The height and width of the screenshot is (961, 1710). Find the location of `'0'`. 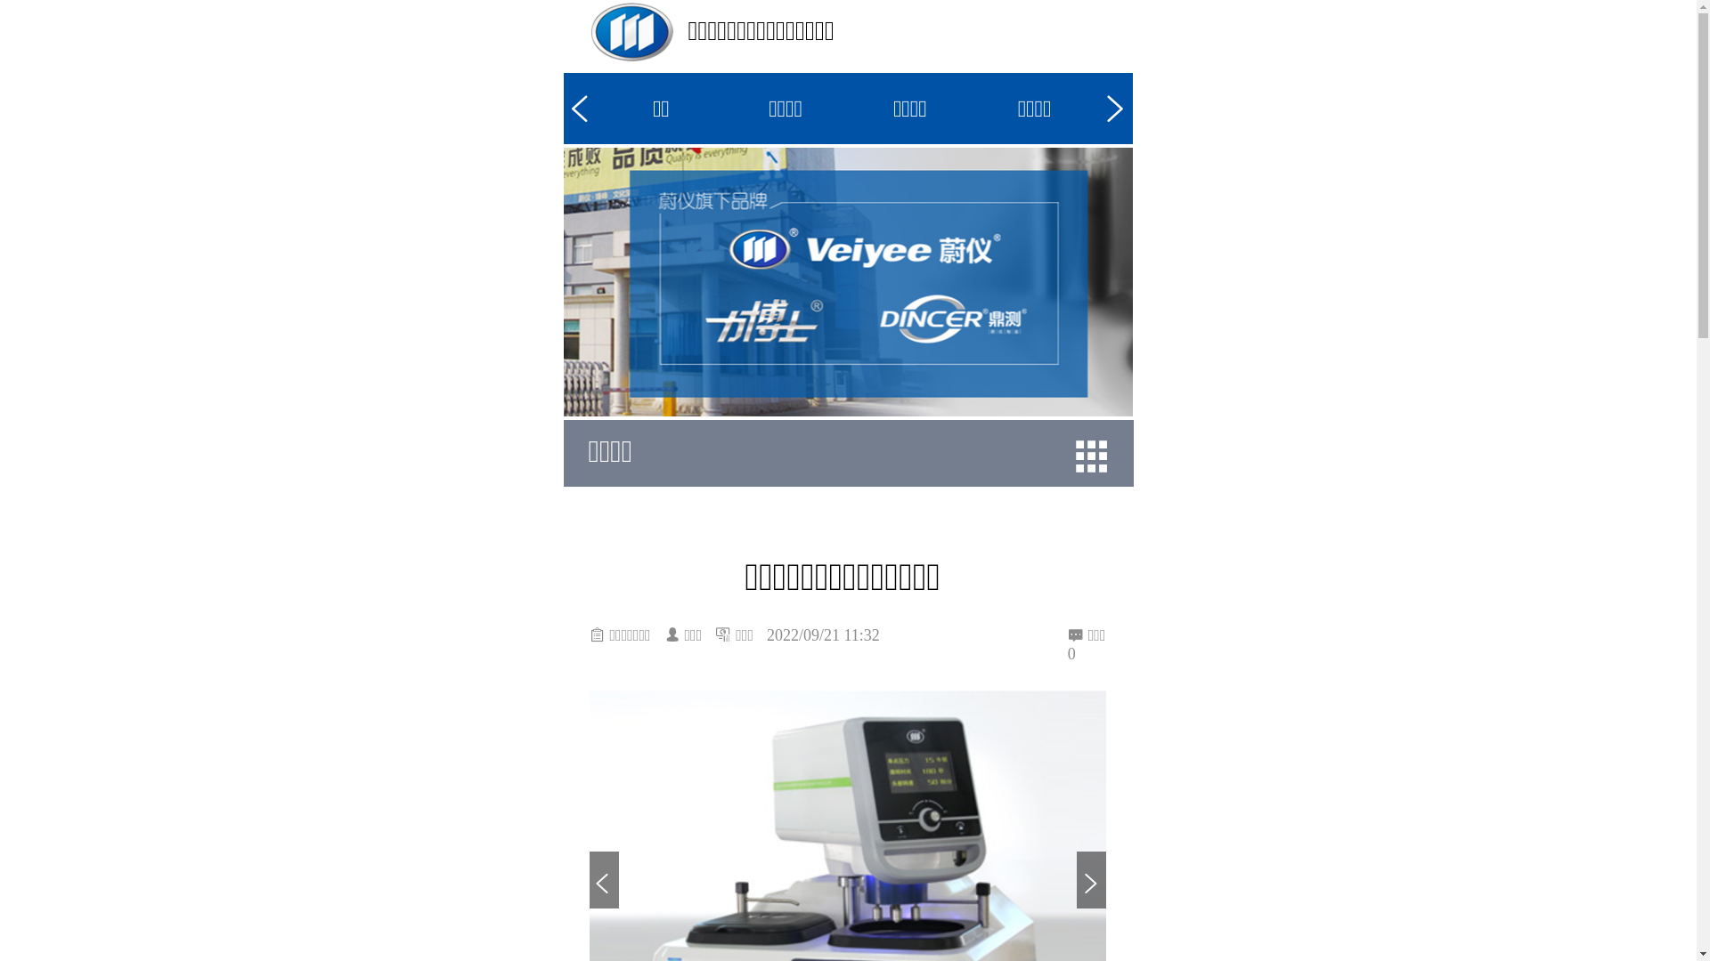

'0' is located at coordinates (1086, 654).